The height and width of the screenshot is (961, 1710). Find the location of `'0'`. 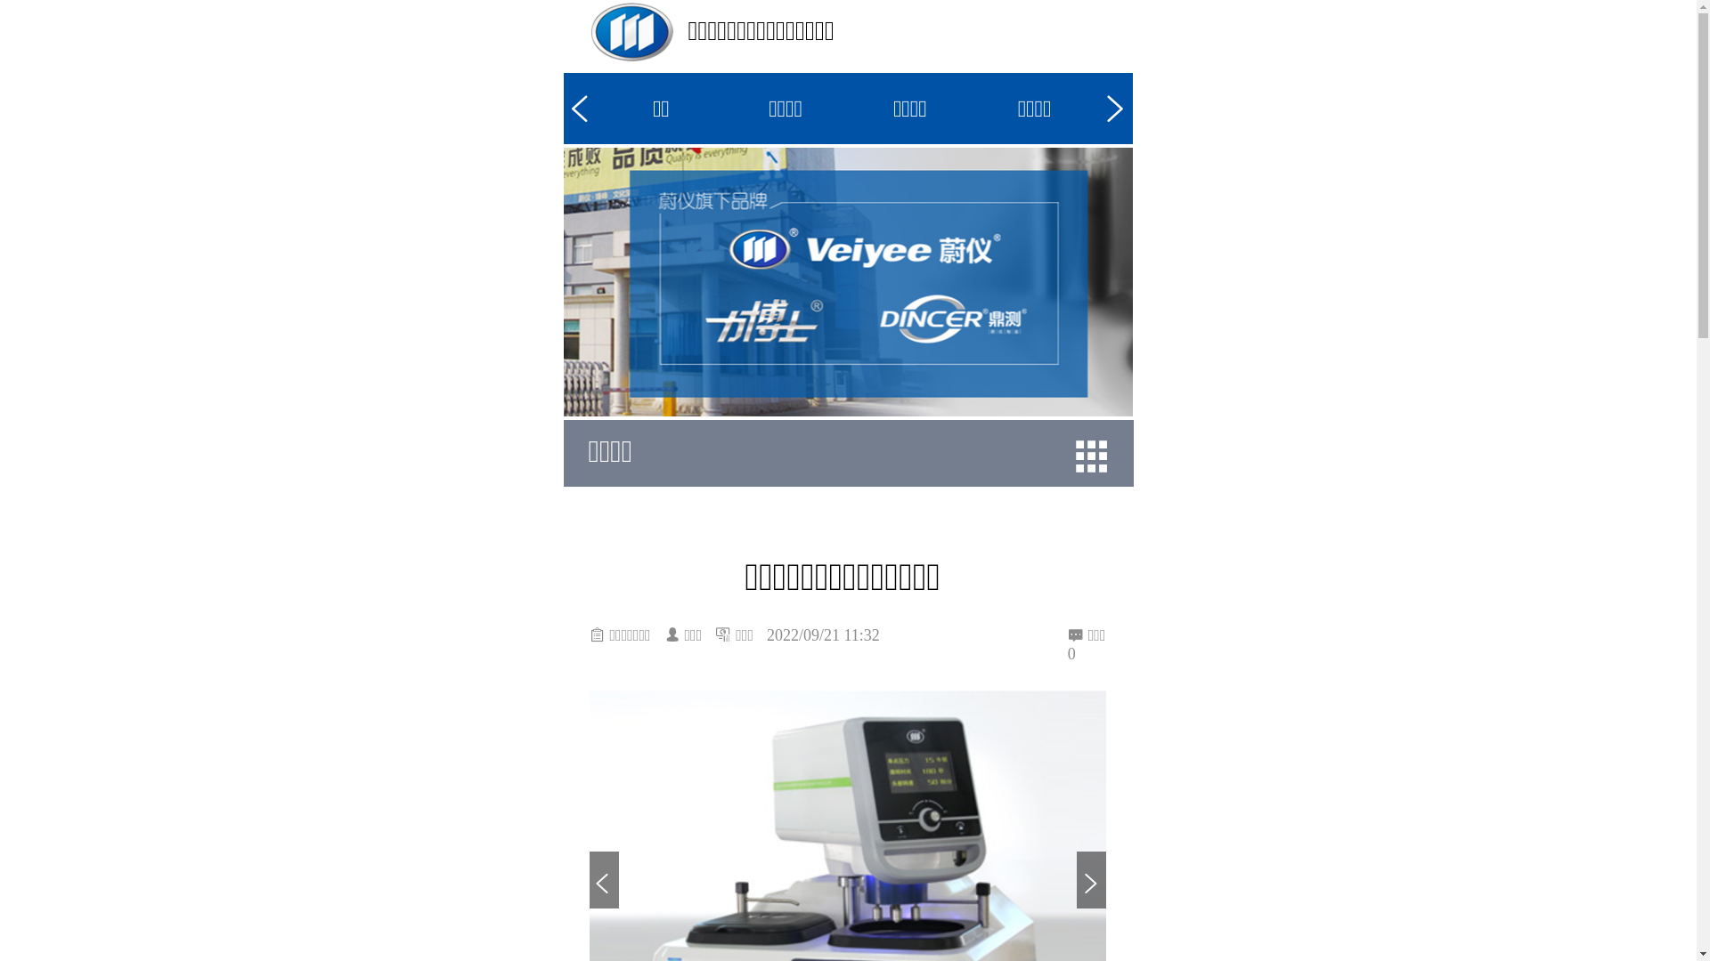

'0' is located at coordinates (1086, 654).